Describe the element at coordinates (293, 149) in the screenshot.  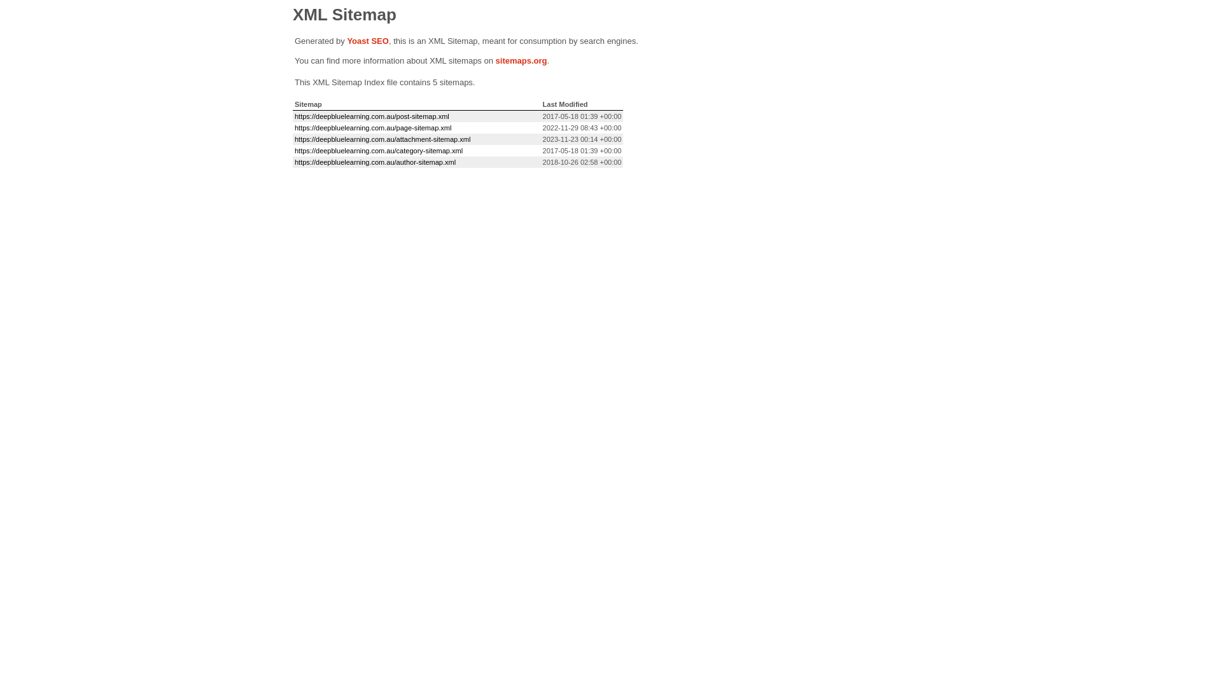
I see `'https://deepbluelearning.com.au/category-sitemap.xml'` at that location.